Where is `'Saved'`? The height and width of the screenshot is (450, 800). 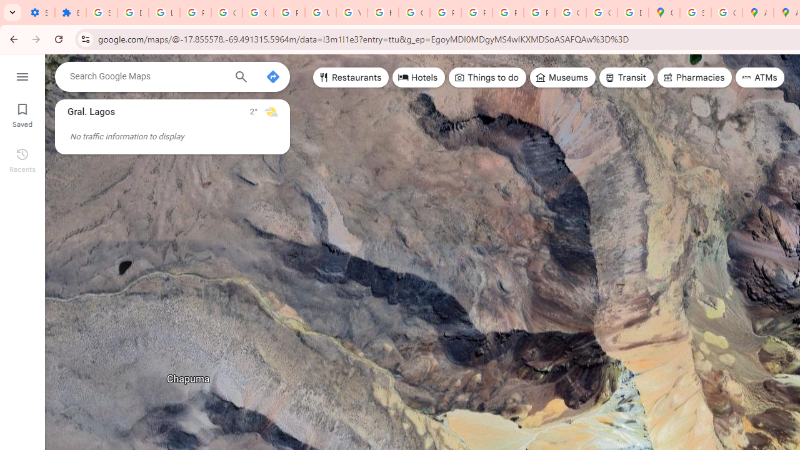 'Saved' is located at coordinates (22, 114).